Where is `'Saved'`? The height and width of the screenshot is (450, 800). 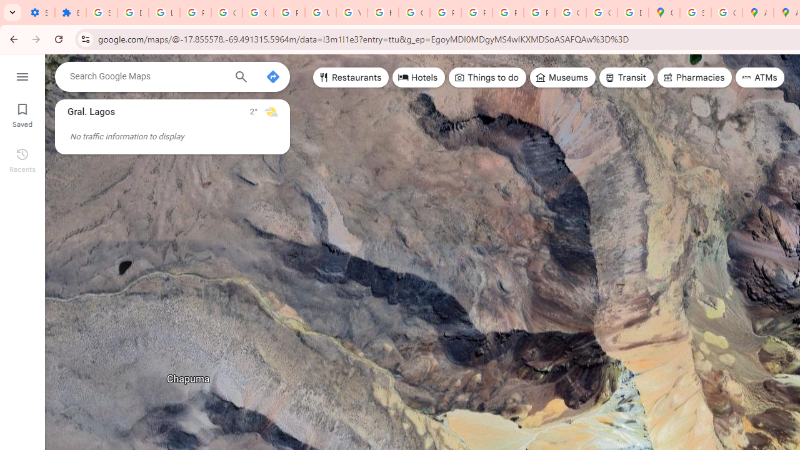 'Saved' is located at coordinates (22, 114).